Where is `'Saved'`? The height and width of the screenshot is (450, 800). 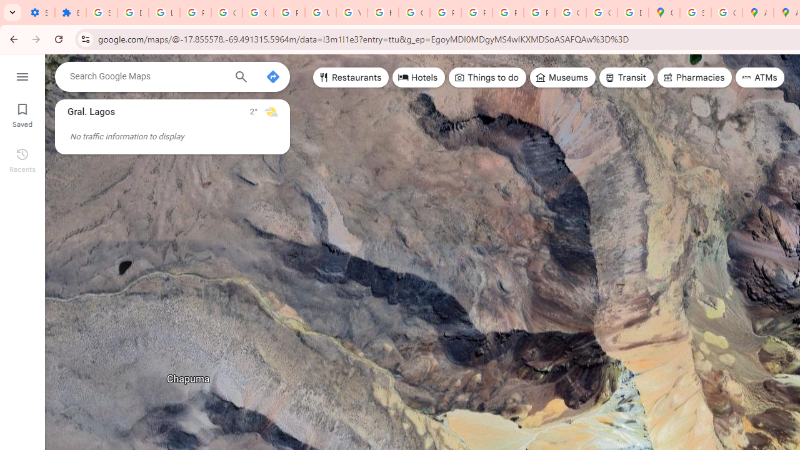 'Saved' is located at coordinates (22, 114).